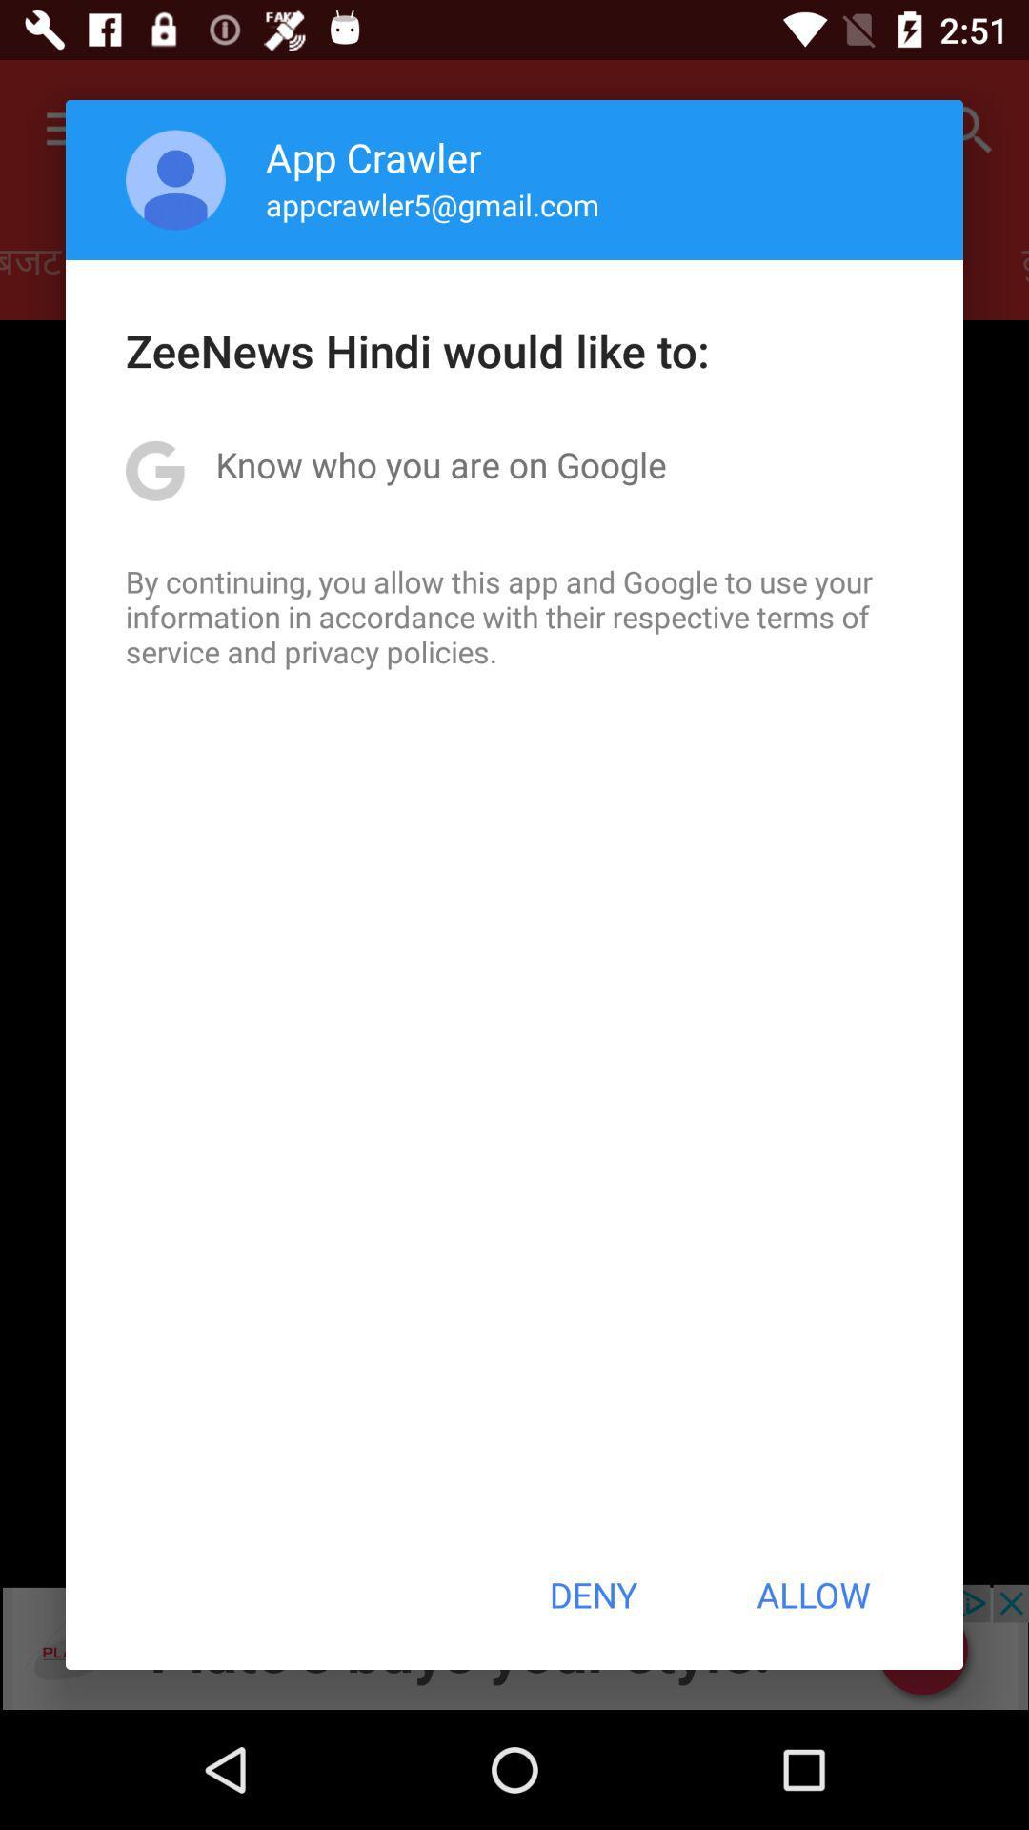 The image size is (1029, 1830). What do you see at coordinates (433, 204) in the screenshot?
I see `icon above the zeenews hindi would` at bounding box center [433, 204].